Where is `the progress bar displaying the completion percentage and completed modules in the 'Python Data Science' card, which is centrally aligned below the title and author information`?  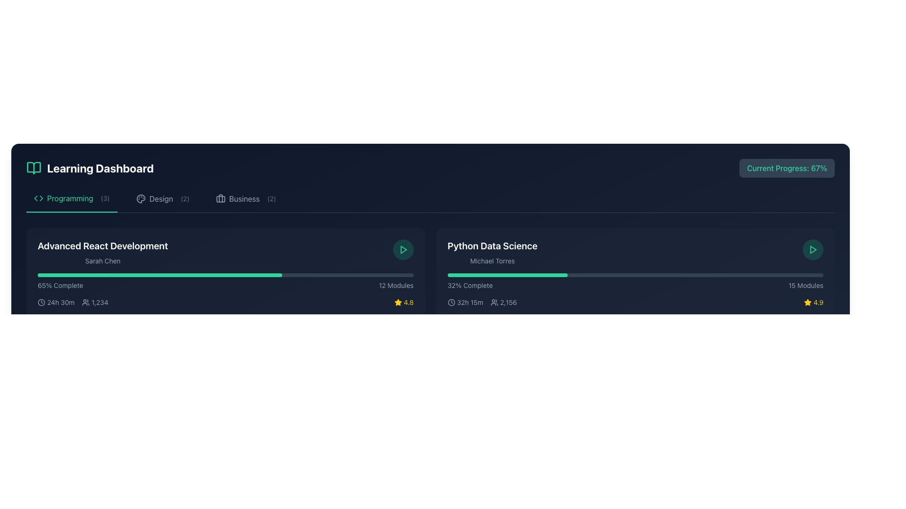
the progress bar displaying the completion percentage and completed modules in the 'Python Data Science' card, which is centrally aligned below the title and author information is located at coordinates (635, 281).